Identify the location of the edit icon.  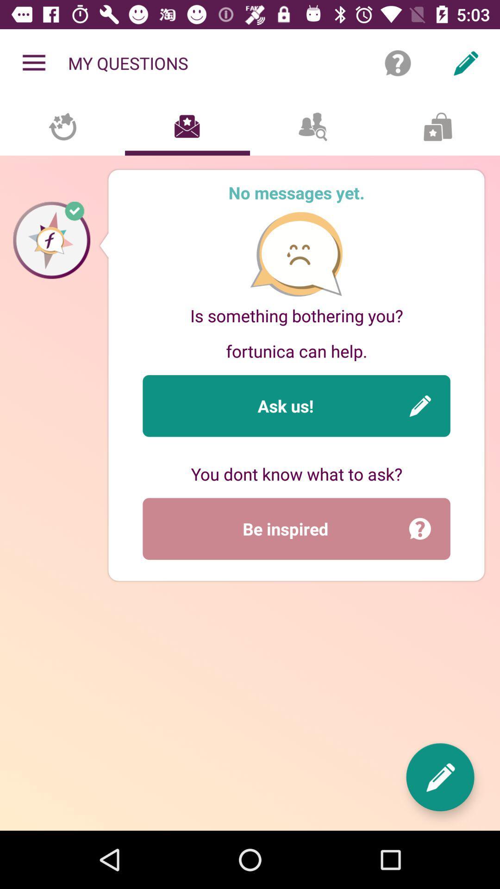
(440, 777).